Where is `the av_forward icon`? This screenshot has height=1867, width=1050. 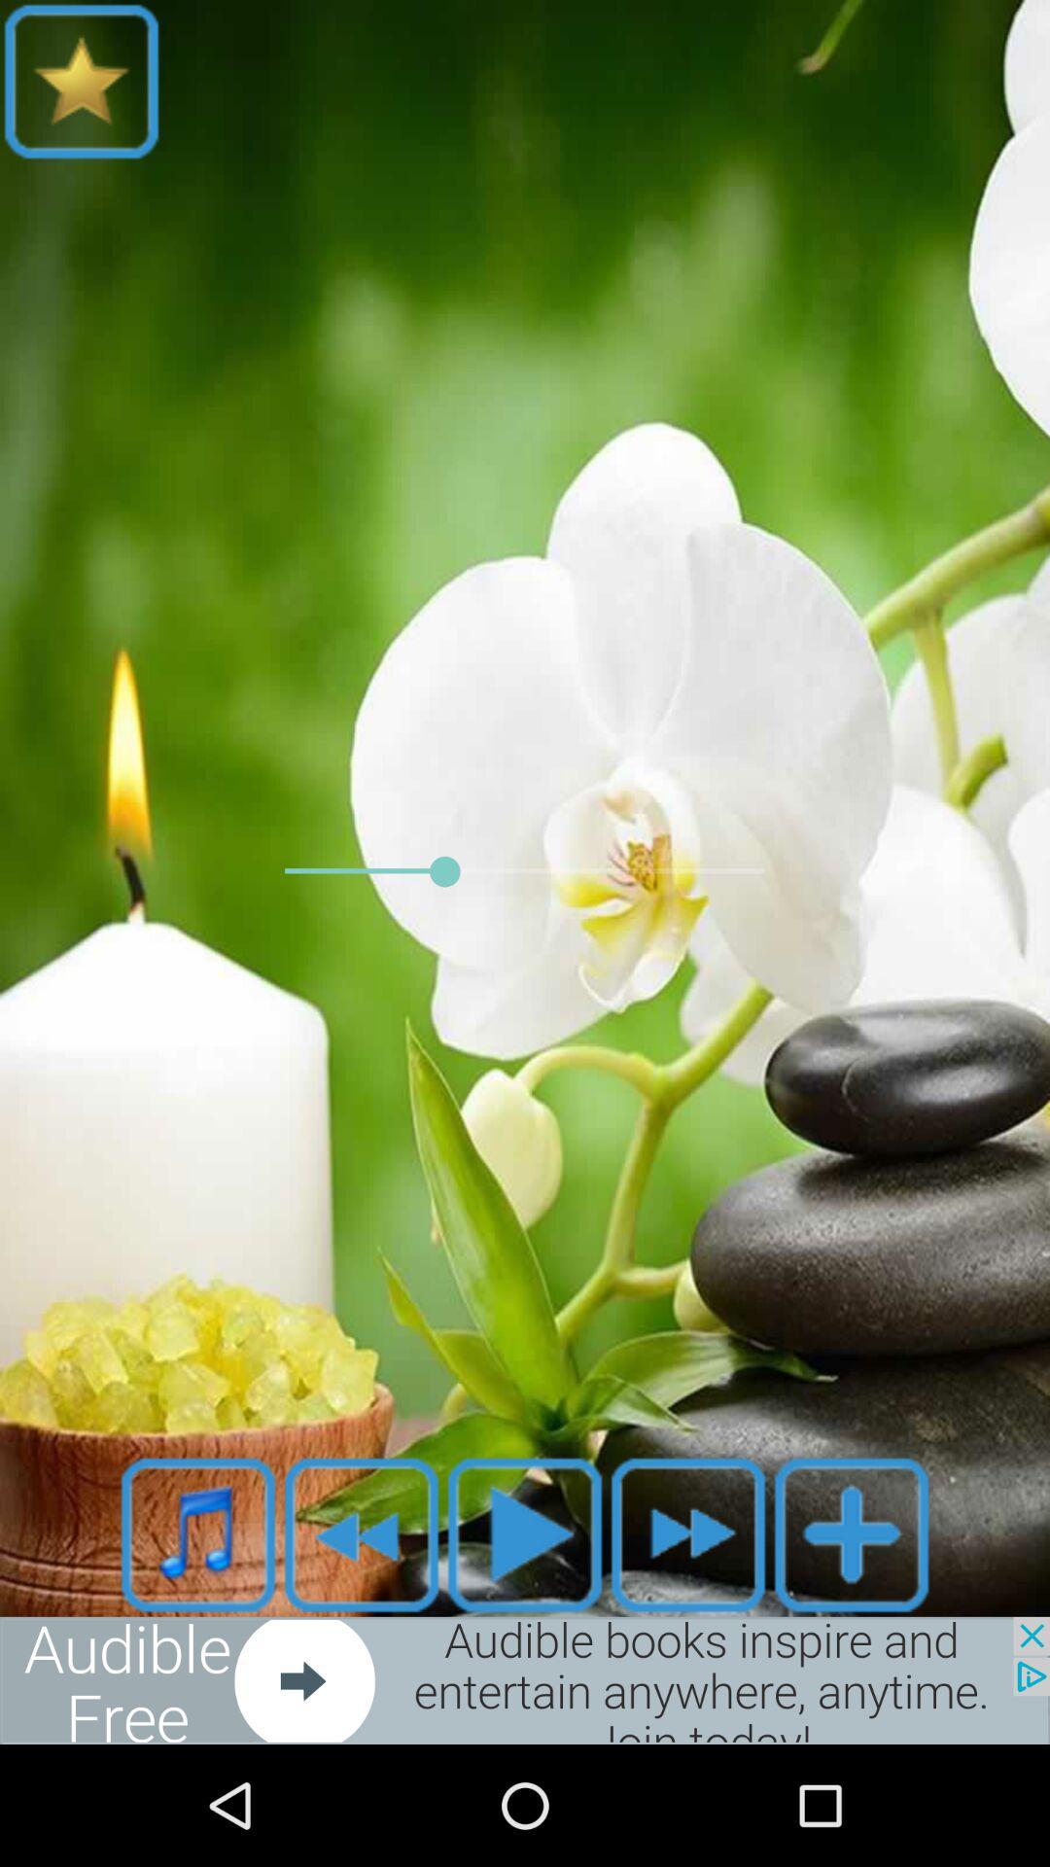 the av_forward icon is located at coordinates (687, 1533).